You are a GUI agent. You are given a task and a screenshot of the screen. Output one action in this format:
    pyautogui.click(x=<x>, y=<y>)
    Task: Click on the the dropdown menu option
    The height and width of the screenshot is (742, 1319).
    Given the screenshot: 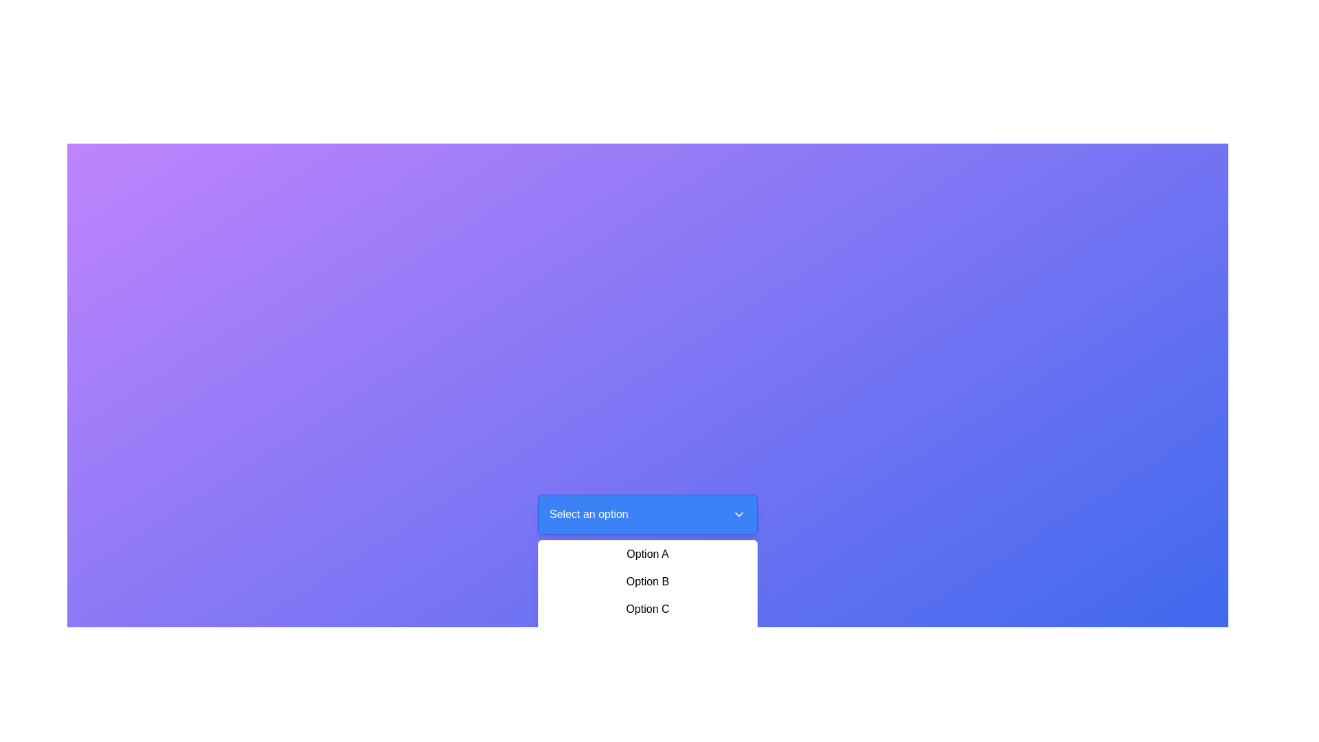 What is the action you would take?
    pyautogui.click(x=646, y=595)
    